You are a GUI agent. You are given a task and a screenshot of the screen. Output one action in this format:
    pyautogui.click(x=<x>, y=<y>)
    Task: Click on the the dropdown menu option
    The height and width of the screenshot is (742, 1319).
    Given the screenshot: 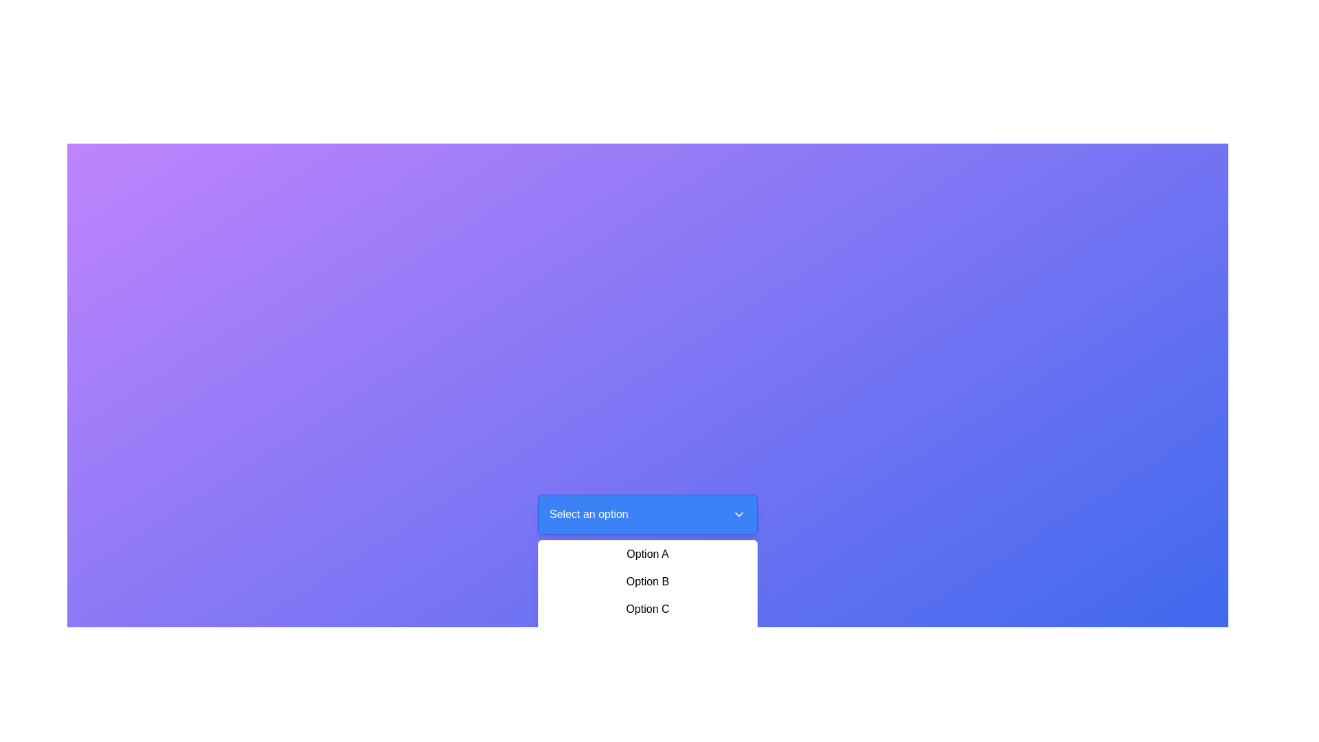 What is the action you would take?
    pyautogui.click(x=646, y=595)
    